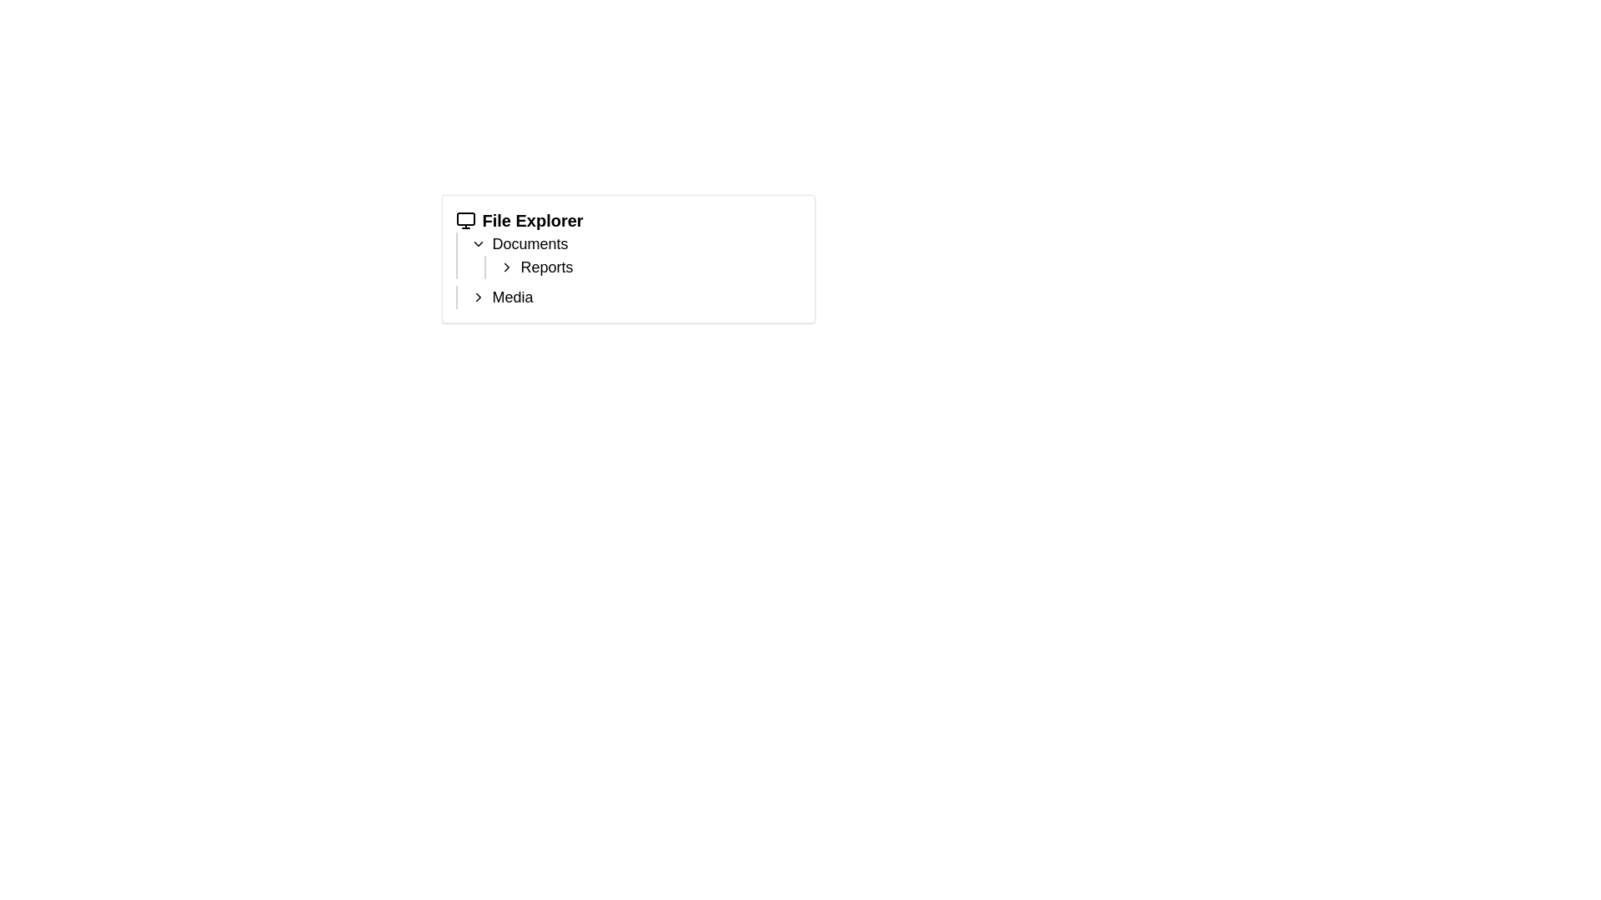 Image resolution: width=1601 pixels, height=900 pixels. What do you see at coordinates (477, 244) in the screenshot?
I see `the Chevron icon` at bounding box center [477, 244].